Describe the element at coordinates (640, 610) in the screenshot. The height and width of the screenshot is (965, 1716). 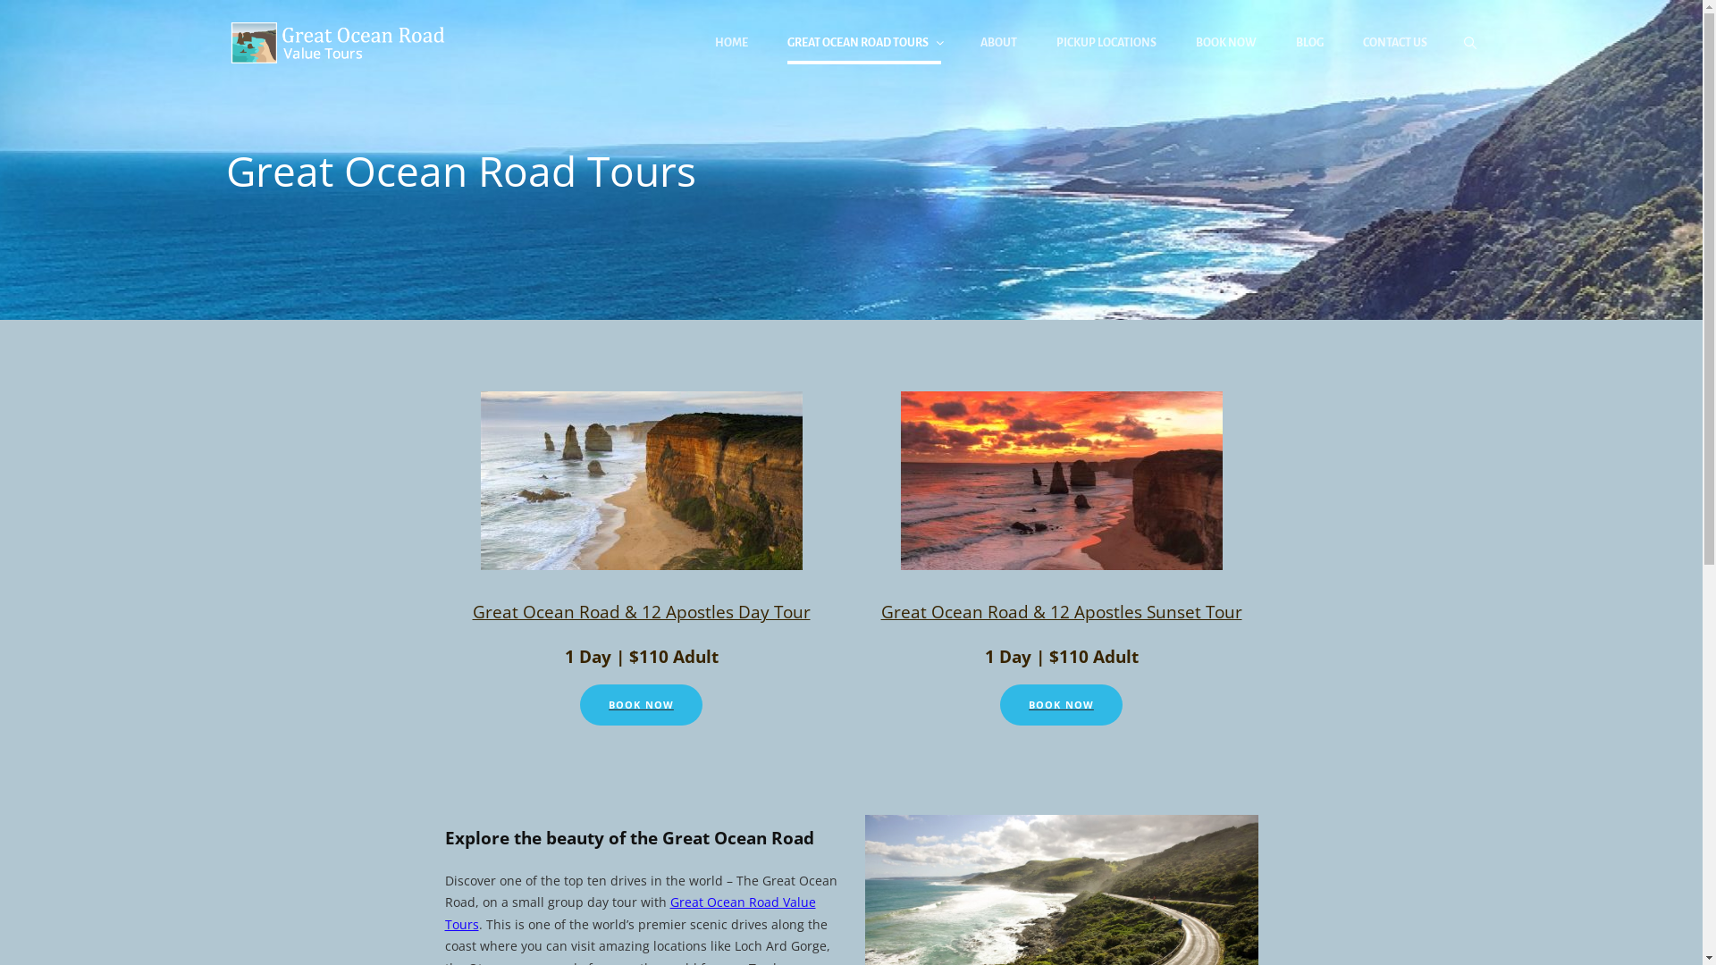
I see `'Great Ocean Road & 12 Apostles Day Tour'` at that location.